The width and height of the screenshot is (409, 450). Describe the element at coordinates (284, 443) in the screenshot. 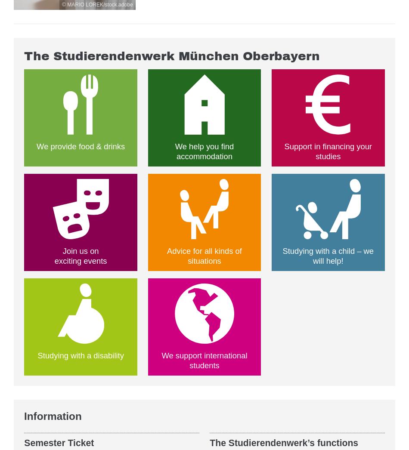

I see `'The Studierendenwerk’s functions'` at that location.